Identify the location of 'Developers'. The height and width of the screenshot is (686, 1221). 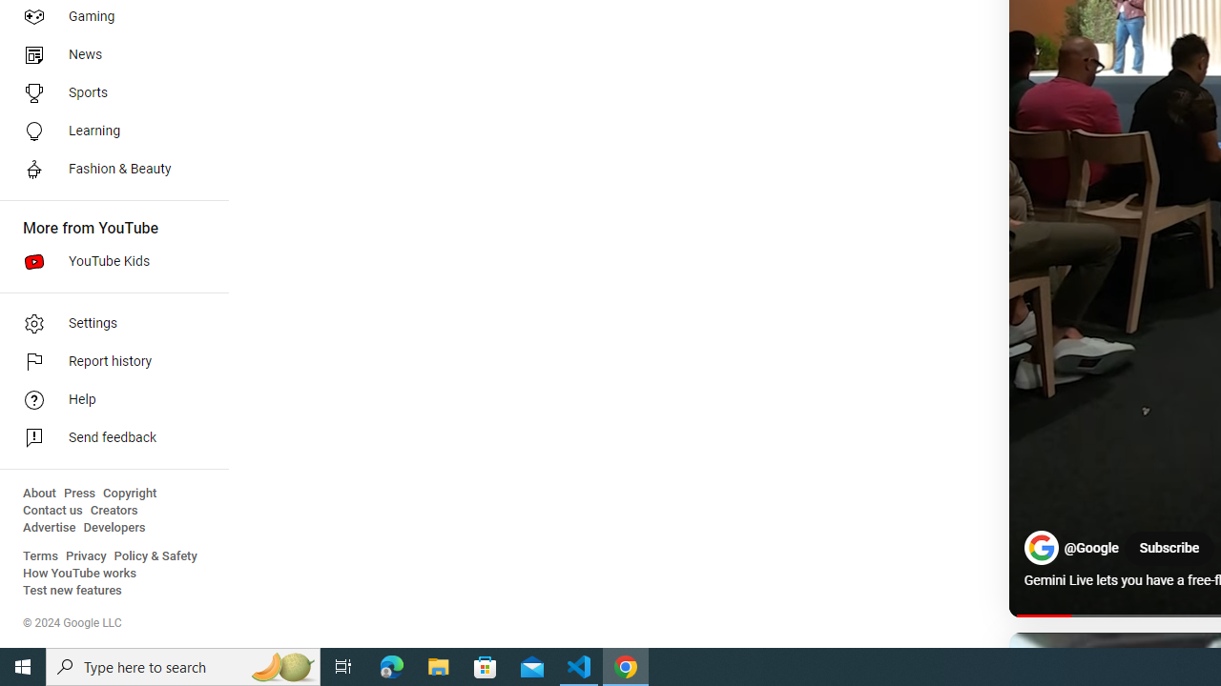
(114, 528).